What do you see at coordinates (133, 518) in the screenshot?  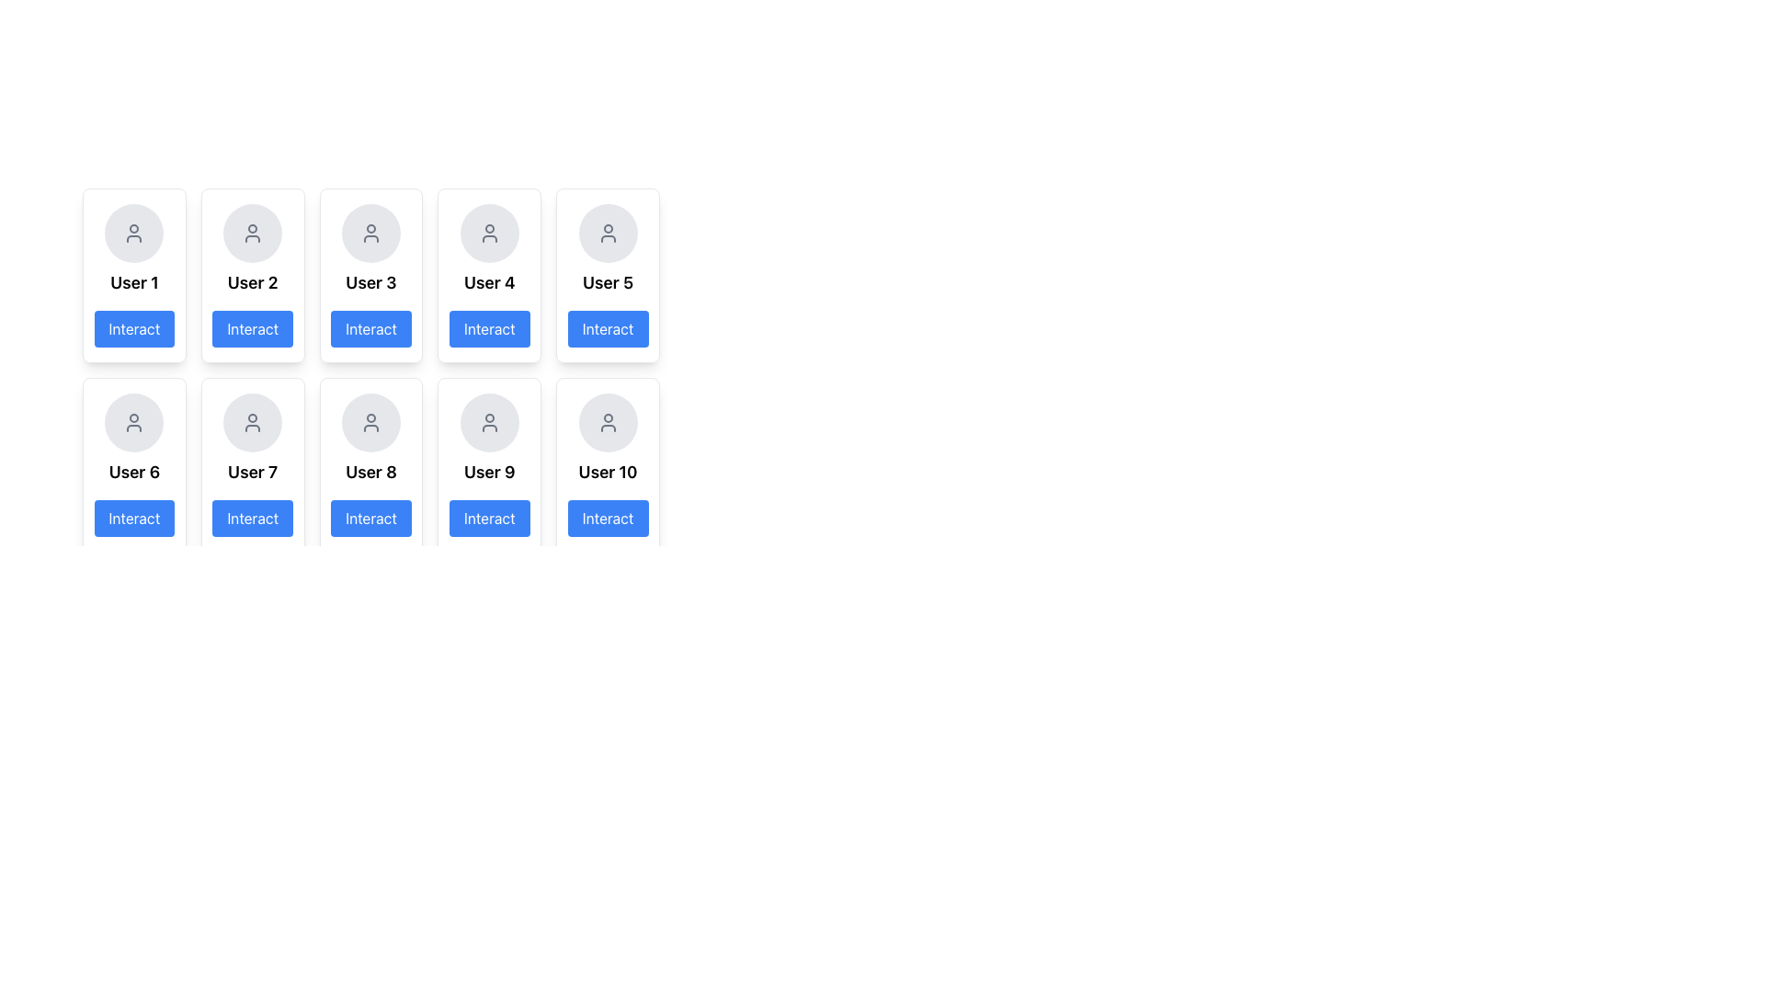 I see `the interaction button located at the bottom of the card representing 'User 6' in the second row, first column to observe the hover effect` at bounding box center [133, 518].